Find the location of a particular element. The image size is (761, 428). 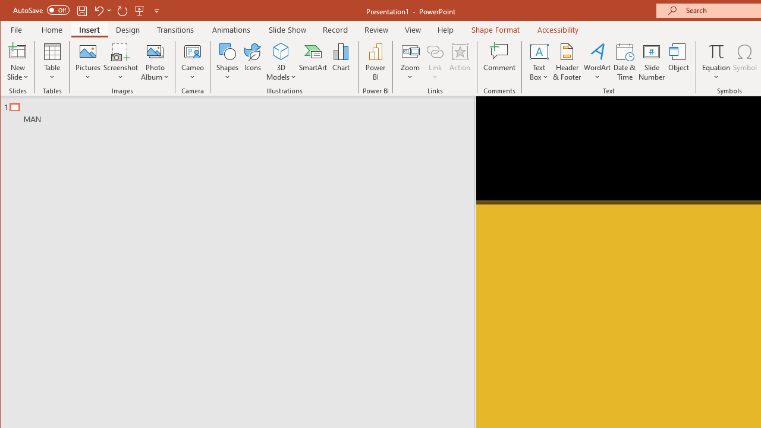

'Icons' is located at coordinates (251, 62).